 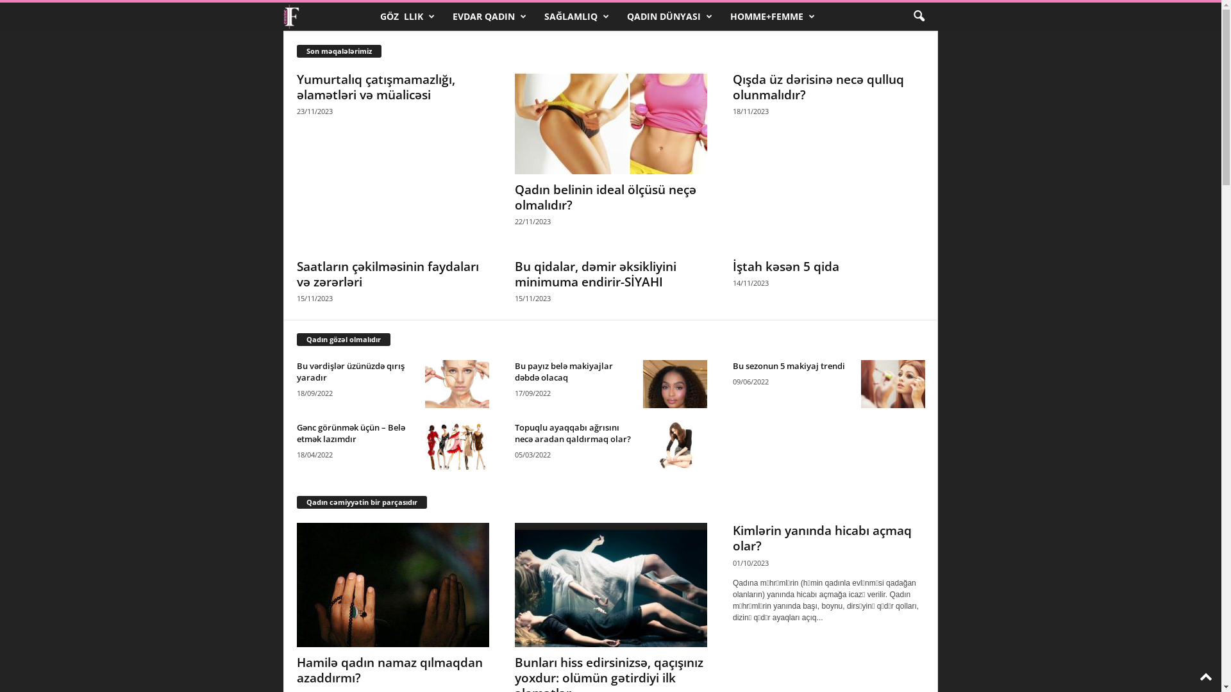 I want to click on 'HOMME+FEMME', so click(x=771, y=17).